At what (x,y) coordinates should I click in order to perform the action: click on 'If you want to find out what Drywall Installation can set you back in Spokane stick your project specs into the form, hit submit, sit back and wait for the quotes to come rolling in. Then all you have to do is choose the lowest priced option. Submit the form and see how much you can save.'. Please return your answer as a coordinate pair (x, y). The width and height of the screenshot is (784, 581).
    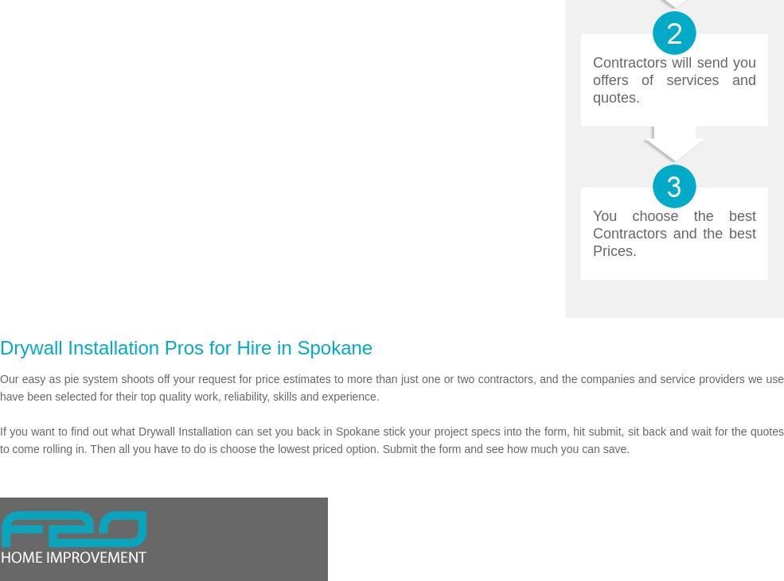
    Looking at the image, I should click on (391, 440).